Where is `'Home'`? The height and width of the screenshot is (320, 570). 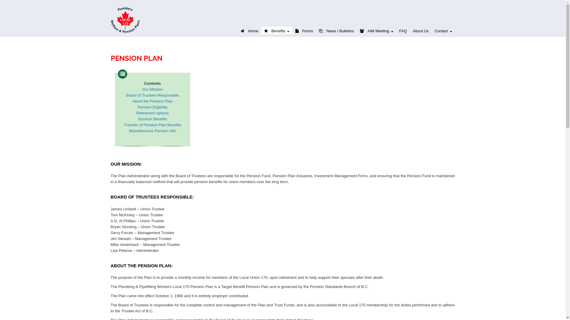
'Home' is located at coordinates (249, 30).